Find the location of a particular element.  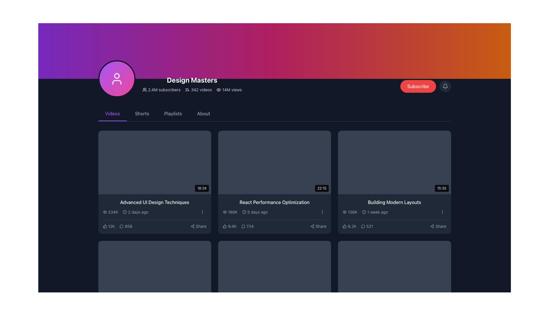

the interactive numeric display component showing the number of comments is located at coordinates (367, 226).